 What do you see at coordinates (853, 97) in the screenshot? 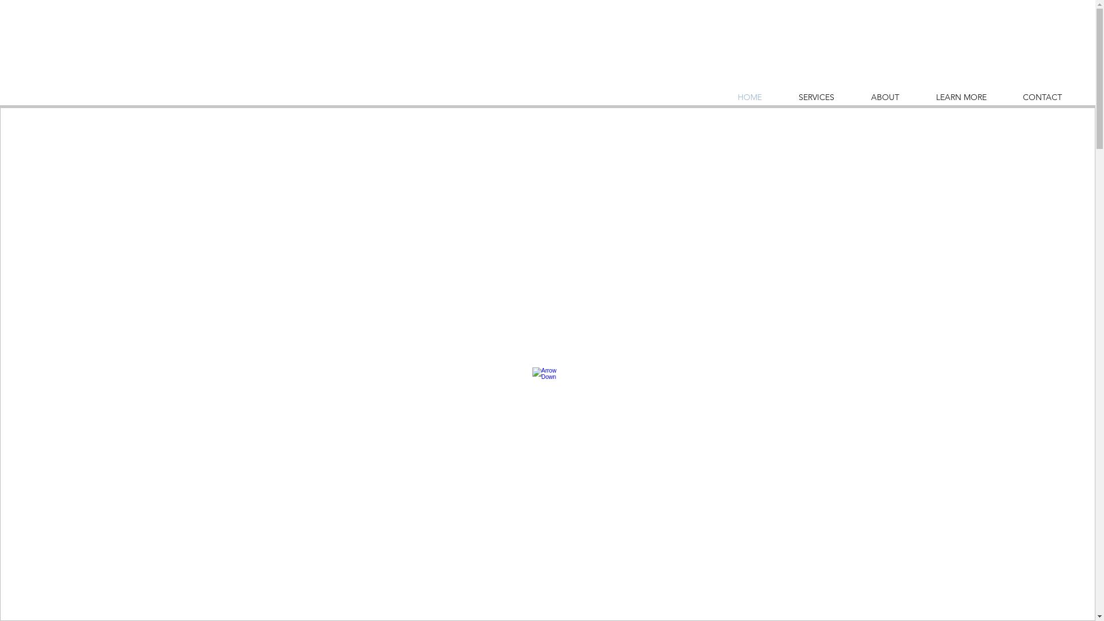
I see `'ABOUT'` at bounding box center [853, 97].